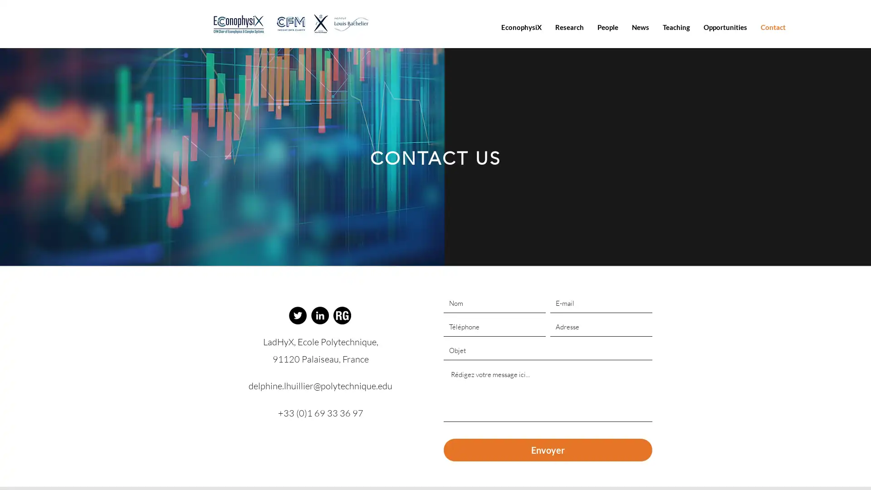 This screenshot has height=490, width=871. What do you see at coordinates (547, 450) in the screenshot?
I see `Envoyer` at bounding box center [547, 450].